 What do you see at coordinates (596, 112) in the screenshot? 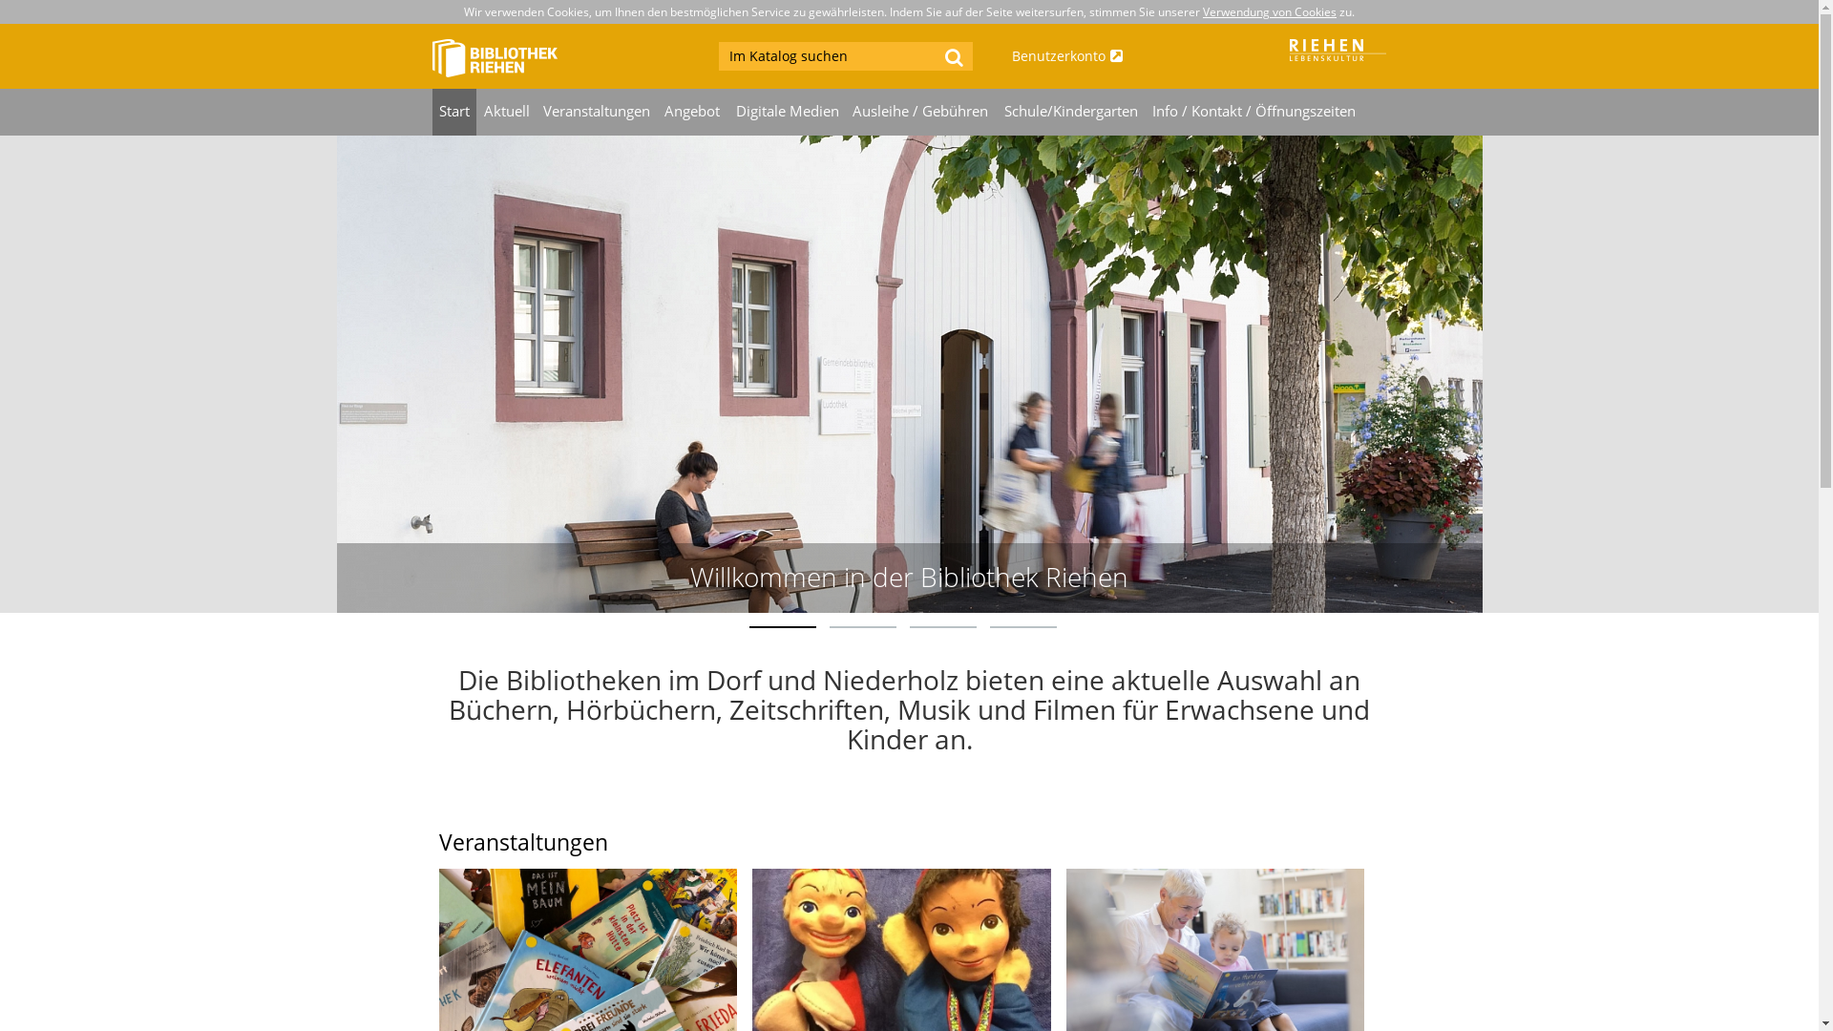
I see `'Veranstaltungen'` at bounding box center [596, 112].